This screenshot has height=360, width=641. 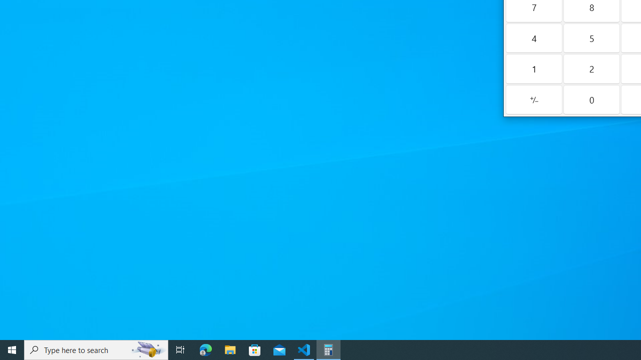 What do you see at coordinates (533, 37) in the screenshot?
I see `'Four'` at bounding box center [533, 37].